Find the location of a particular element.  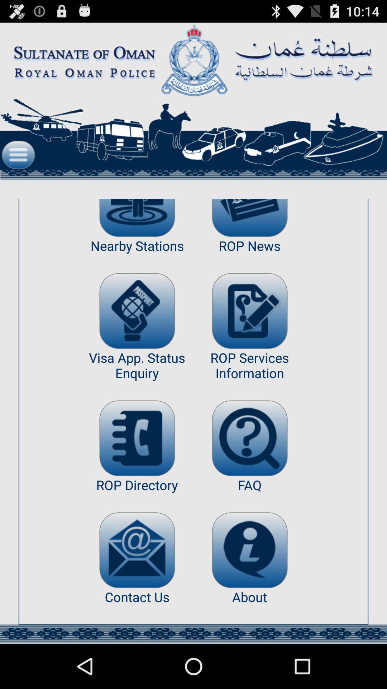

the visibility icon is located at coordinates (137, 233).